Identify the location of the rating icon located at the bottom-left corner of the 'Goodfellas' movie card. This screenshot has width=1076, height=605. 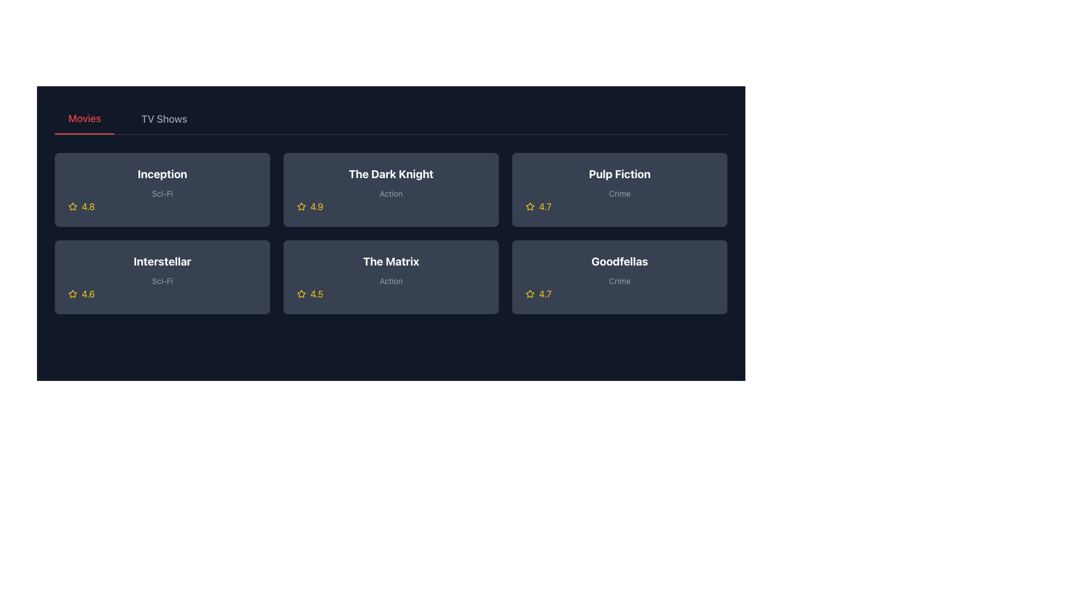
(529, 293).